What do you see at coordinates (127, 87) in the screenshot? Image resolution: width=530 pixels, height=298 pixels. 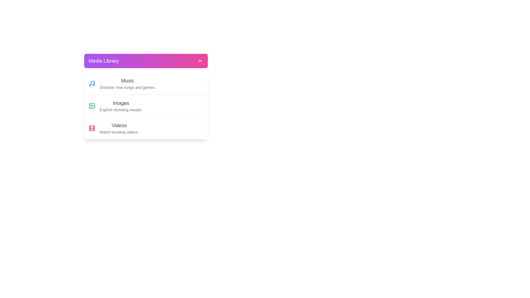 I see `the descriptive text element that provides additional details about the 'Music' section, located as the second line of text within a card-like component` at bounding box center [127, 87].